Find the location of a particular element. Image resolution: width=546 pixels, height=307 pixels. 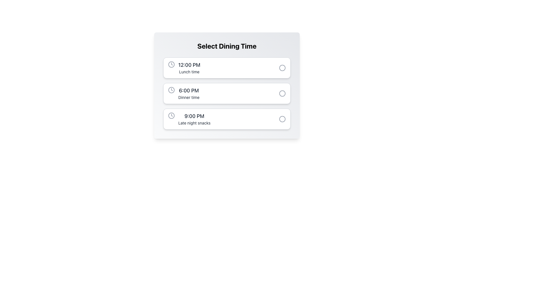

the circular outline indicator that is positioned in the bottom-right side of the list item labeled '9:00 PM - Late night snacks' is located at coordinates (282, 119).